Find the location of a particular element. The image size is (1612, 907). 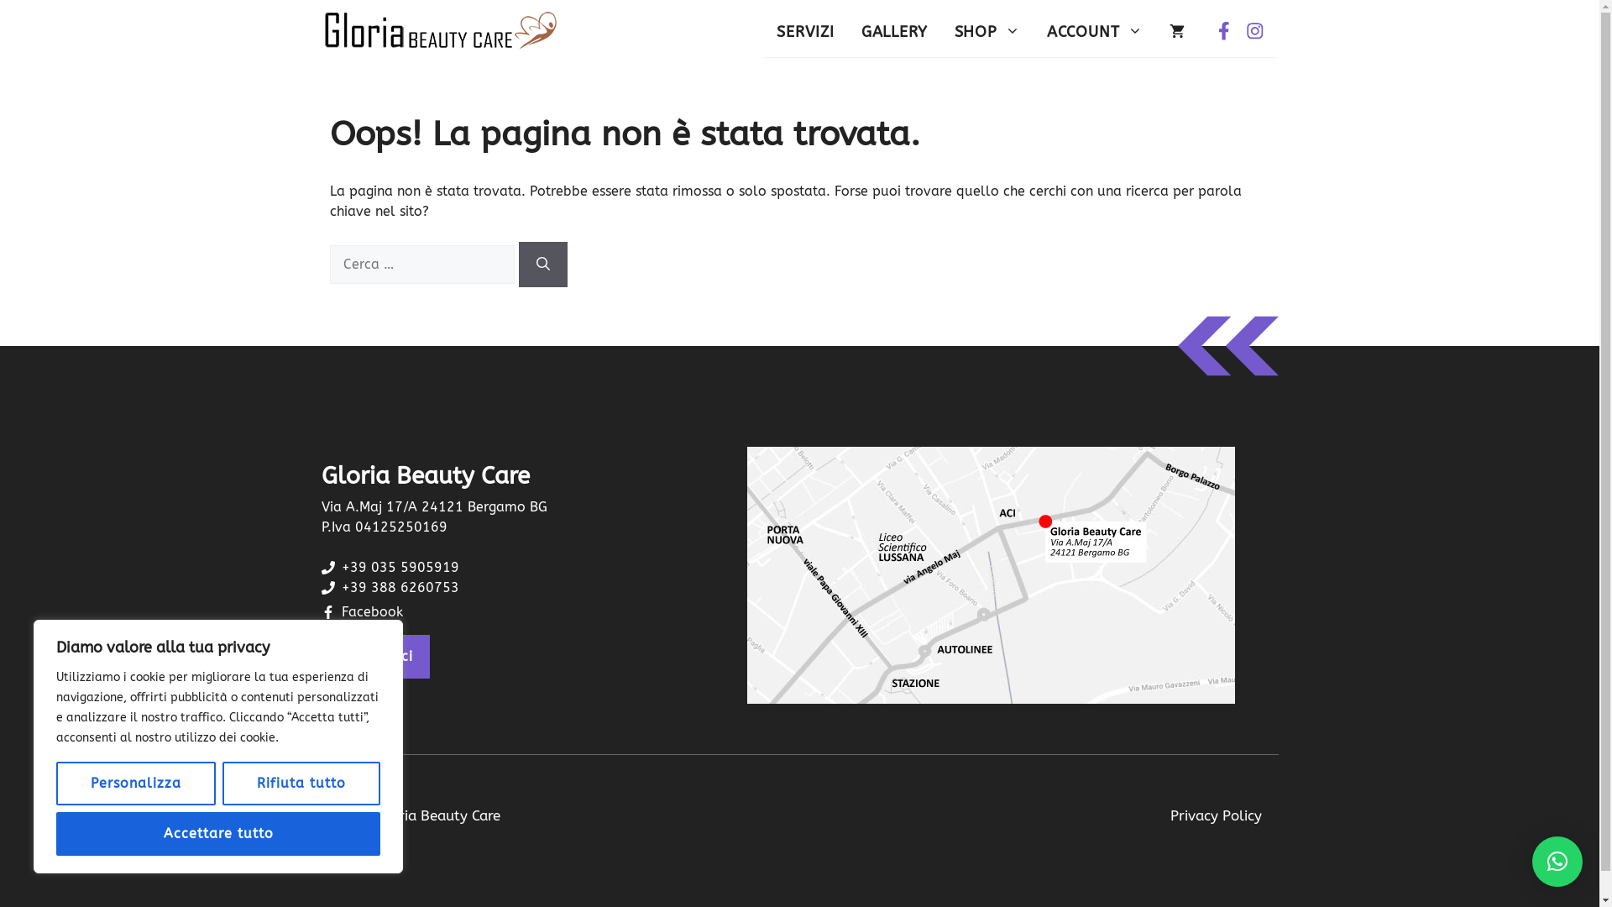

'Accettare tutto' is located at coordinates (217, 833).